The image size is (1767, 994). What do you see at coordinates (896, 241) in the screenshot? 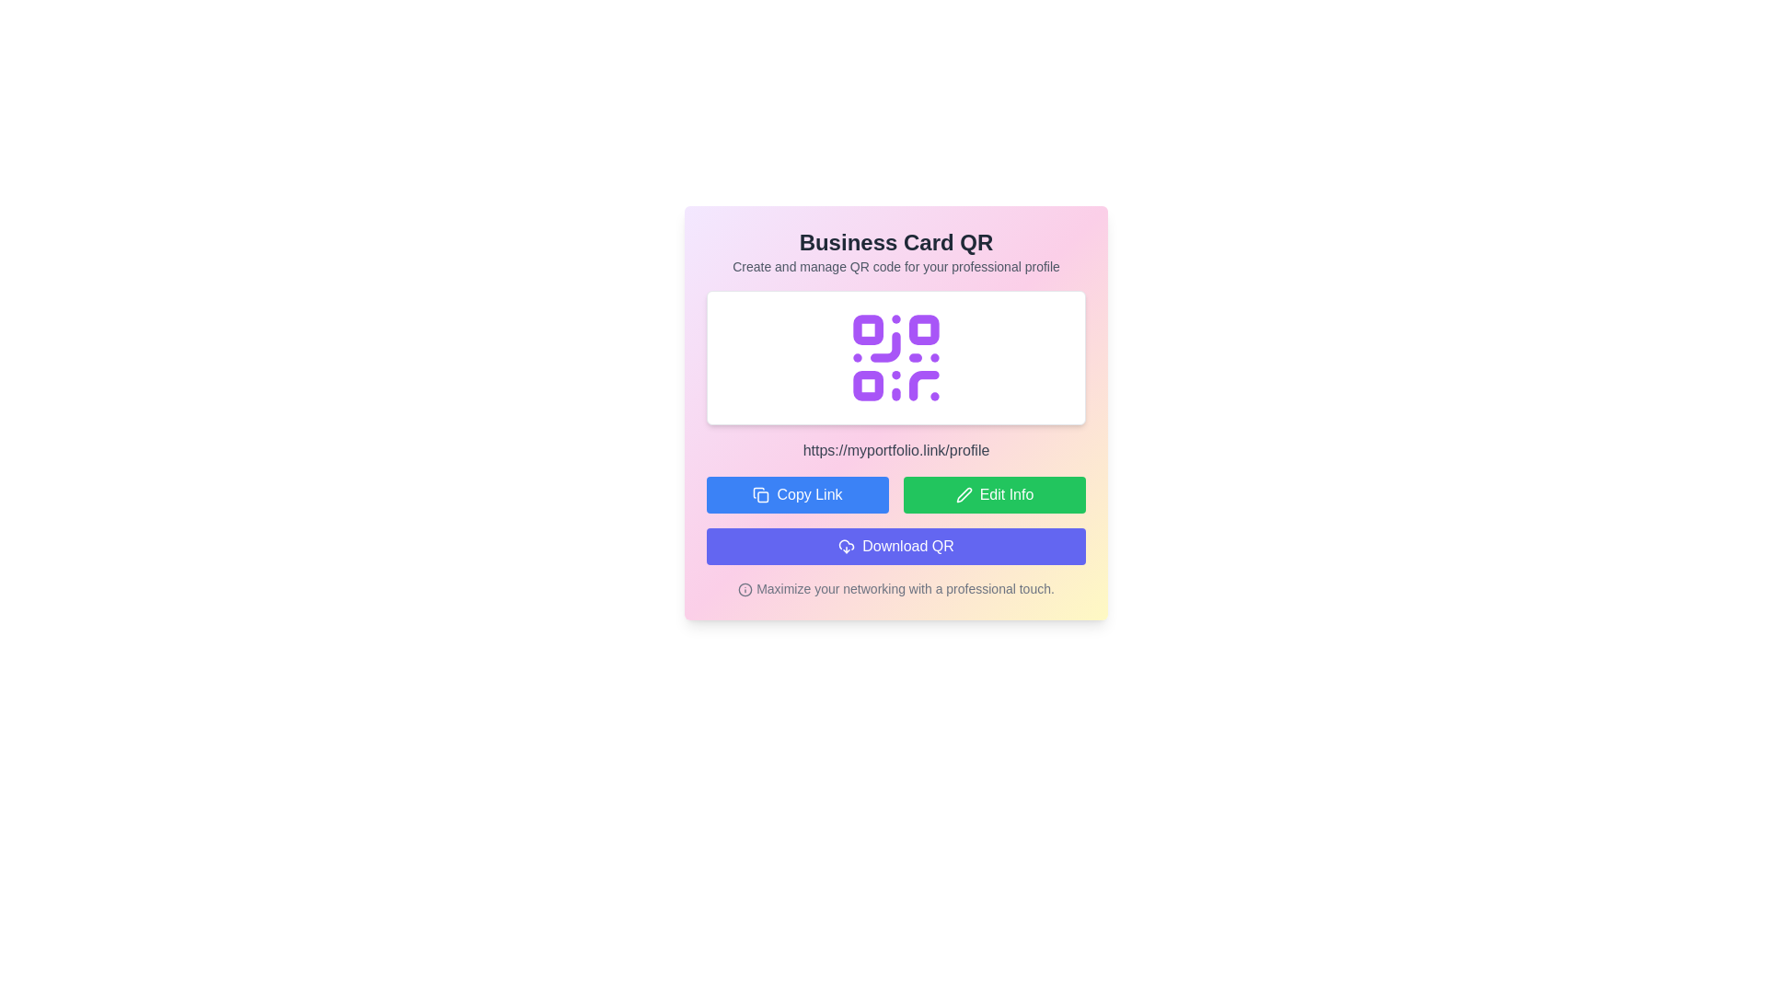
I see `the text element displaying 'Business Card QR' in bold, large font, centrally positioned at the top of the card layout` at bounding box center [896, 241].